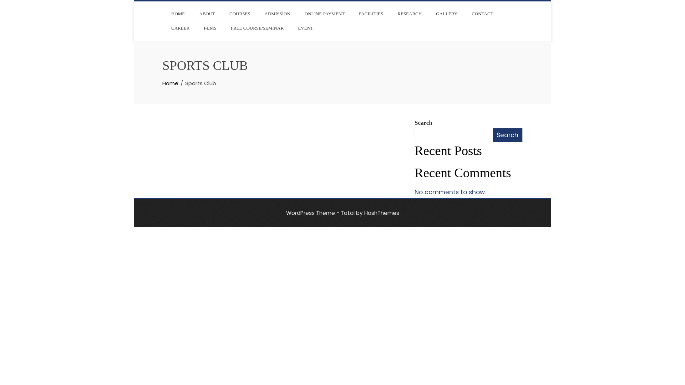 The image size is (685, 385). Describe the element at coordinates (193, 14) in the screenshot. I see `'ABOUT'` at that location.